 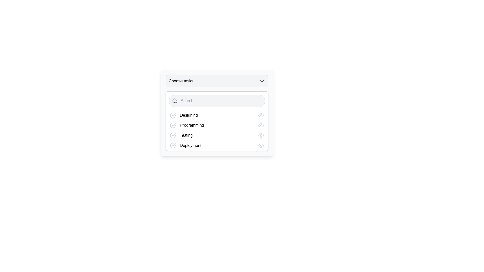 What do you see at coordinates (217, 101) in the screenshot?
I see `the search input field located beneath the title 'Choose tasks...' to observe its functionality` at bounding box center [217, 101].